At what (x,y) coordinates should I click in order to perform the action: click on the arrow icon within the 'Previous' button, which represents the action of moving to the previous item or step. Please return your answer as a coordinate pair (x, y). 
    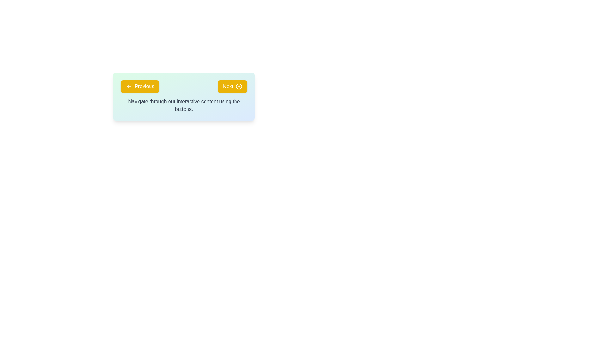
    Looking at the image, I should click on (129, 86).